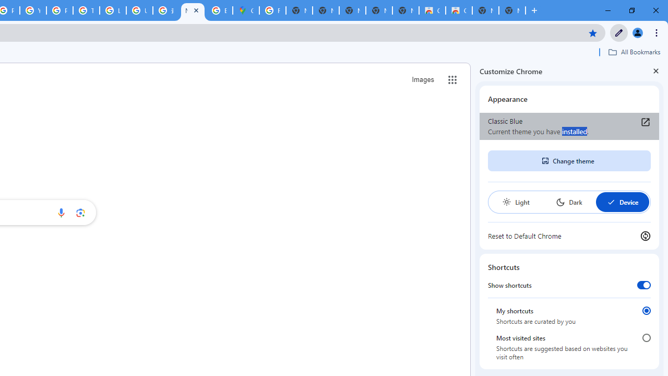  I want to click on 'New Tab', so click(193, 10).